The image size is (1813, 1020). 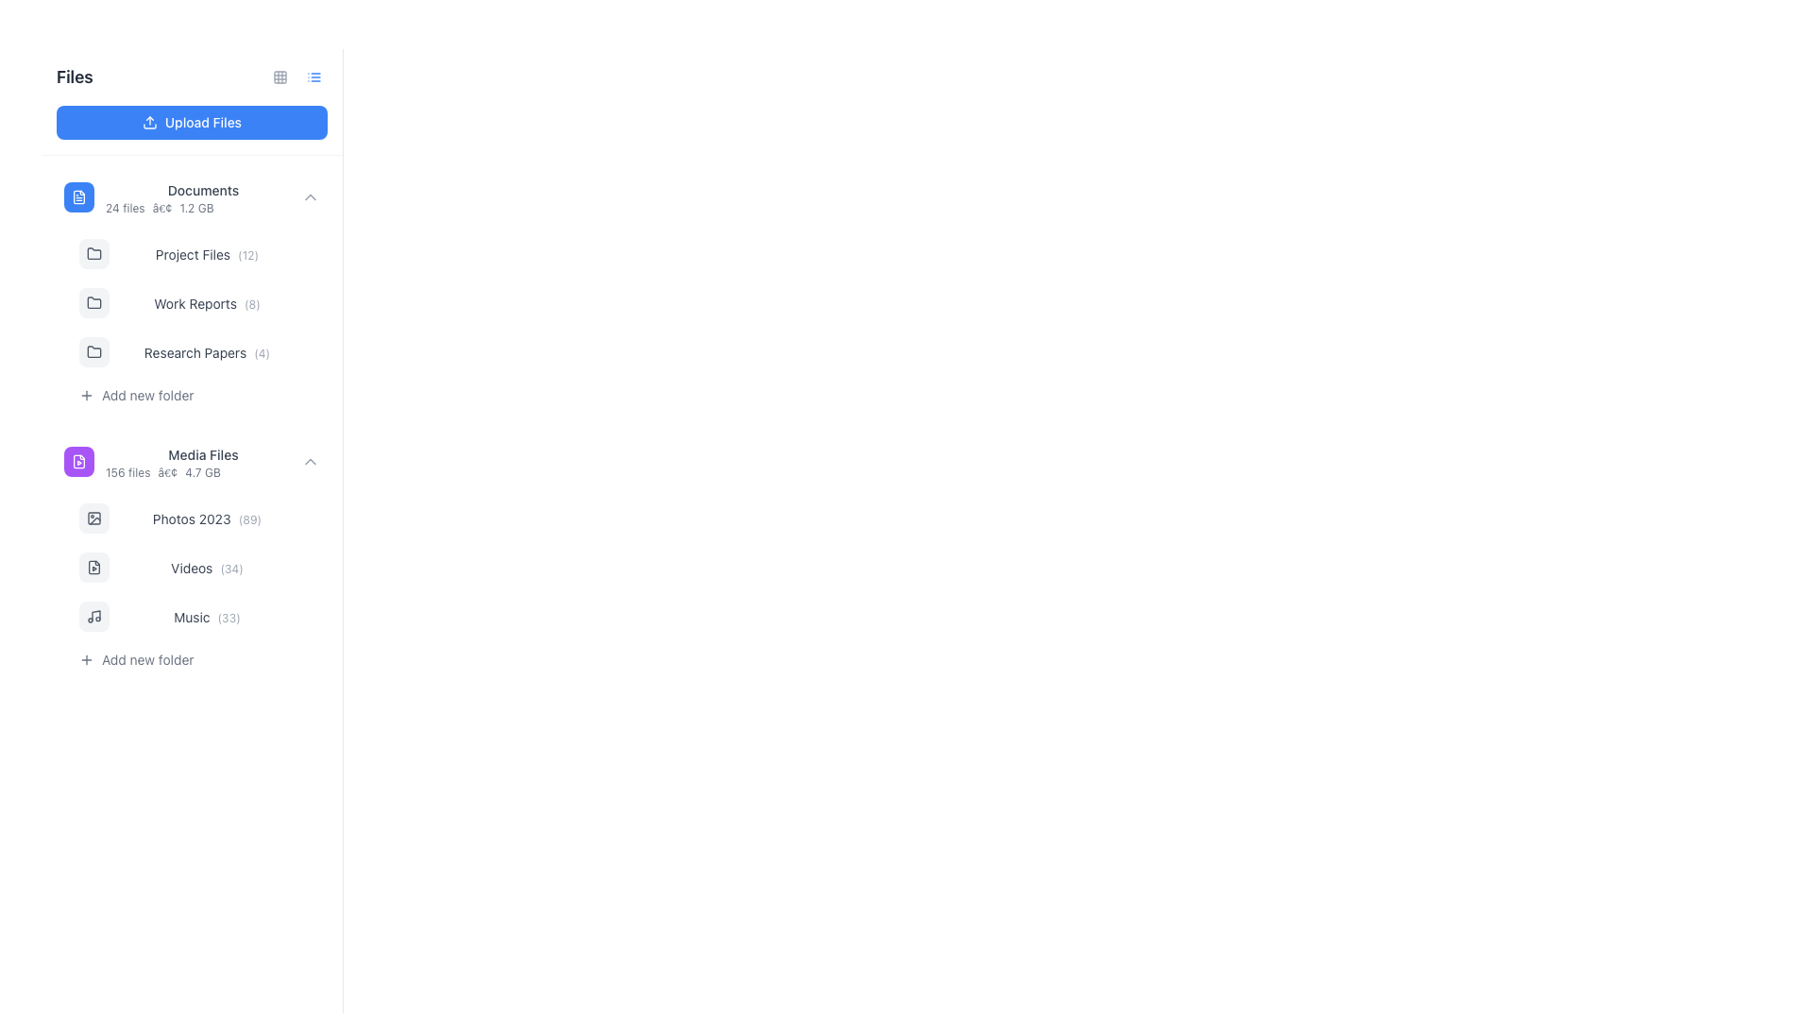 I want to click on the 'Media Files' group entry located below 'Documents' and above 'Photos 2023', so click(x=192, y=462).